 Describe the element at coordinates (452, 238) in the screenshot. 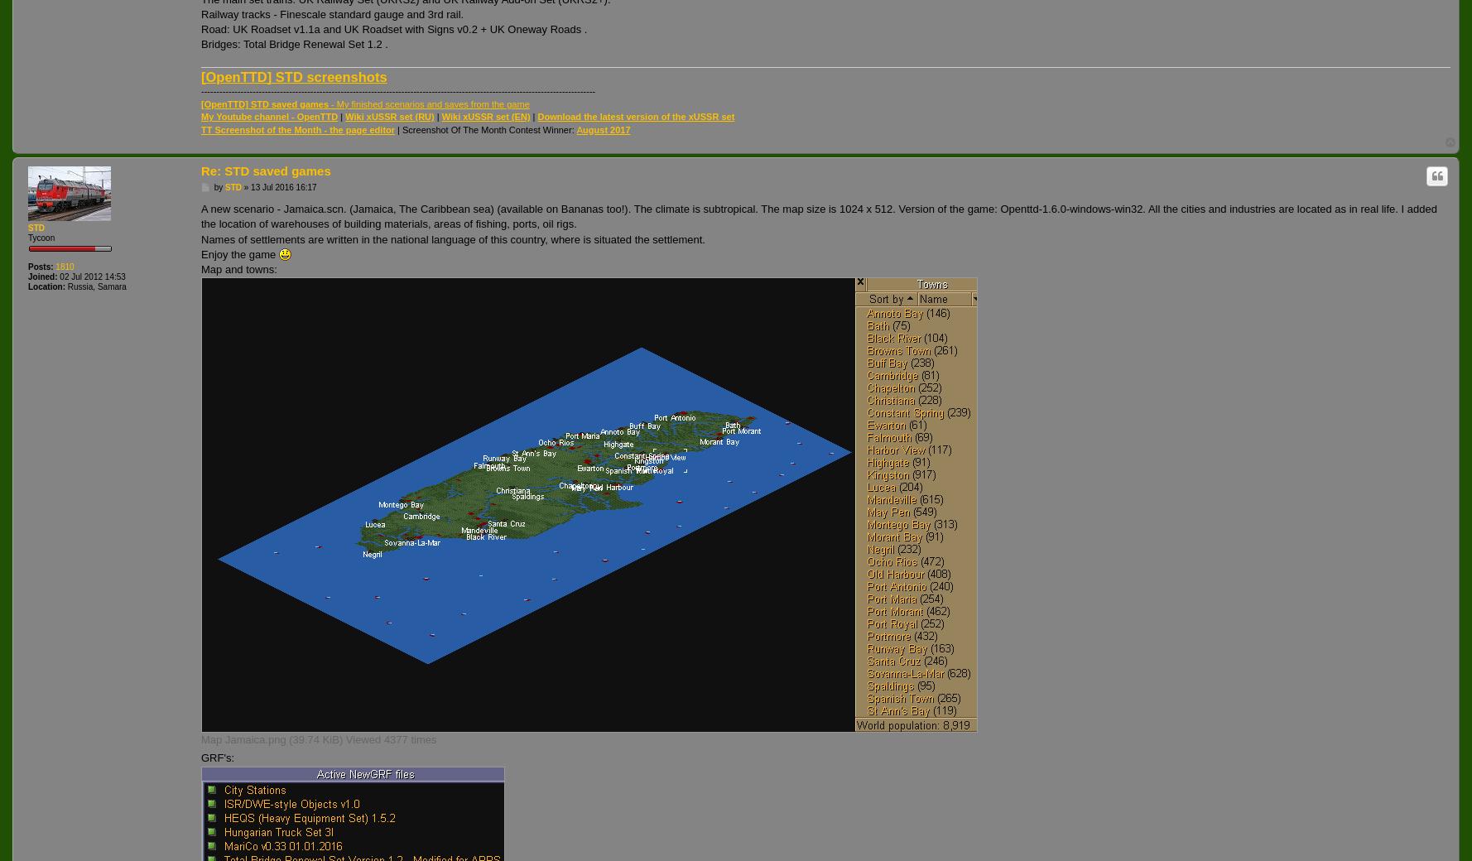

I see `'Names of settlements are written in the national language of this country, where is situated the settlement.'` at that location.